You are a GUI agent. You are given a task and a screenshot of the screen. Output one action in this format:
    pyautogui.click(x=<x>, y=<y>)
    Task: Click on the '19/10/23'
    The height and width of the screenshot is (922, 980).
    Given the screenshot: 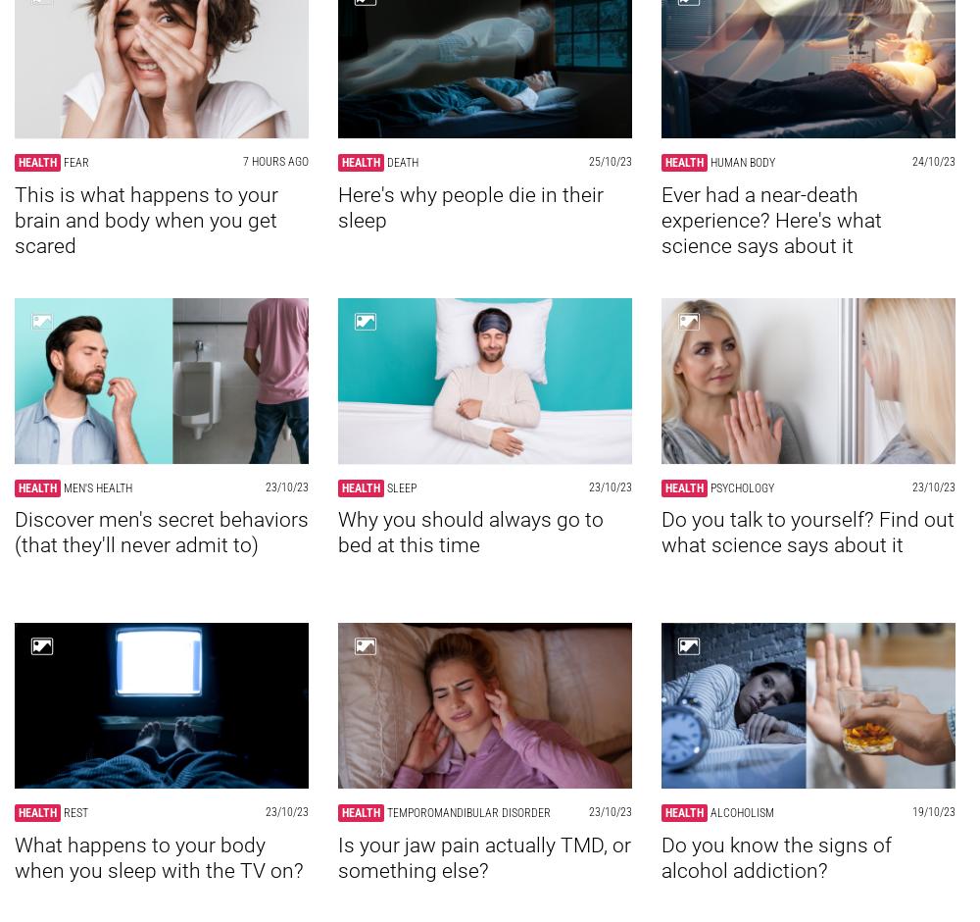 What is the action you would take?
    pyautogui.click(x=933, y=811)
    